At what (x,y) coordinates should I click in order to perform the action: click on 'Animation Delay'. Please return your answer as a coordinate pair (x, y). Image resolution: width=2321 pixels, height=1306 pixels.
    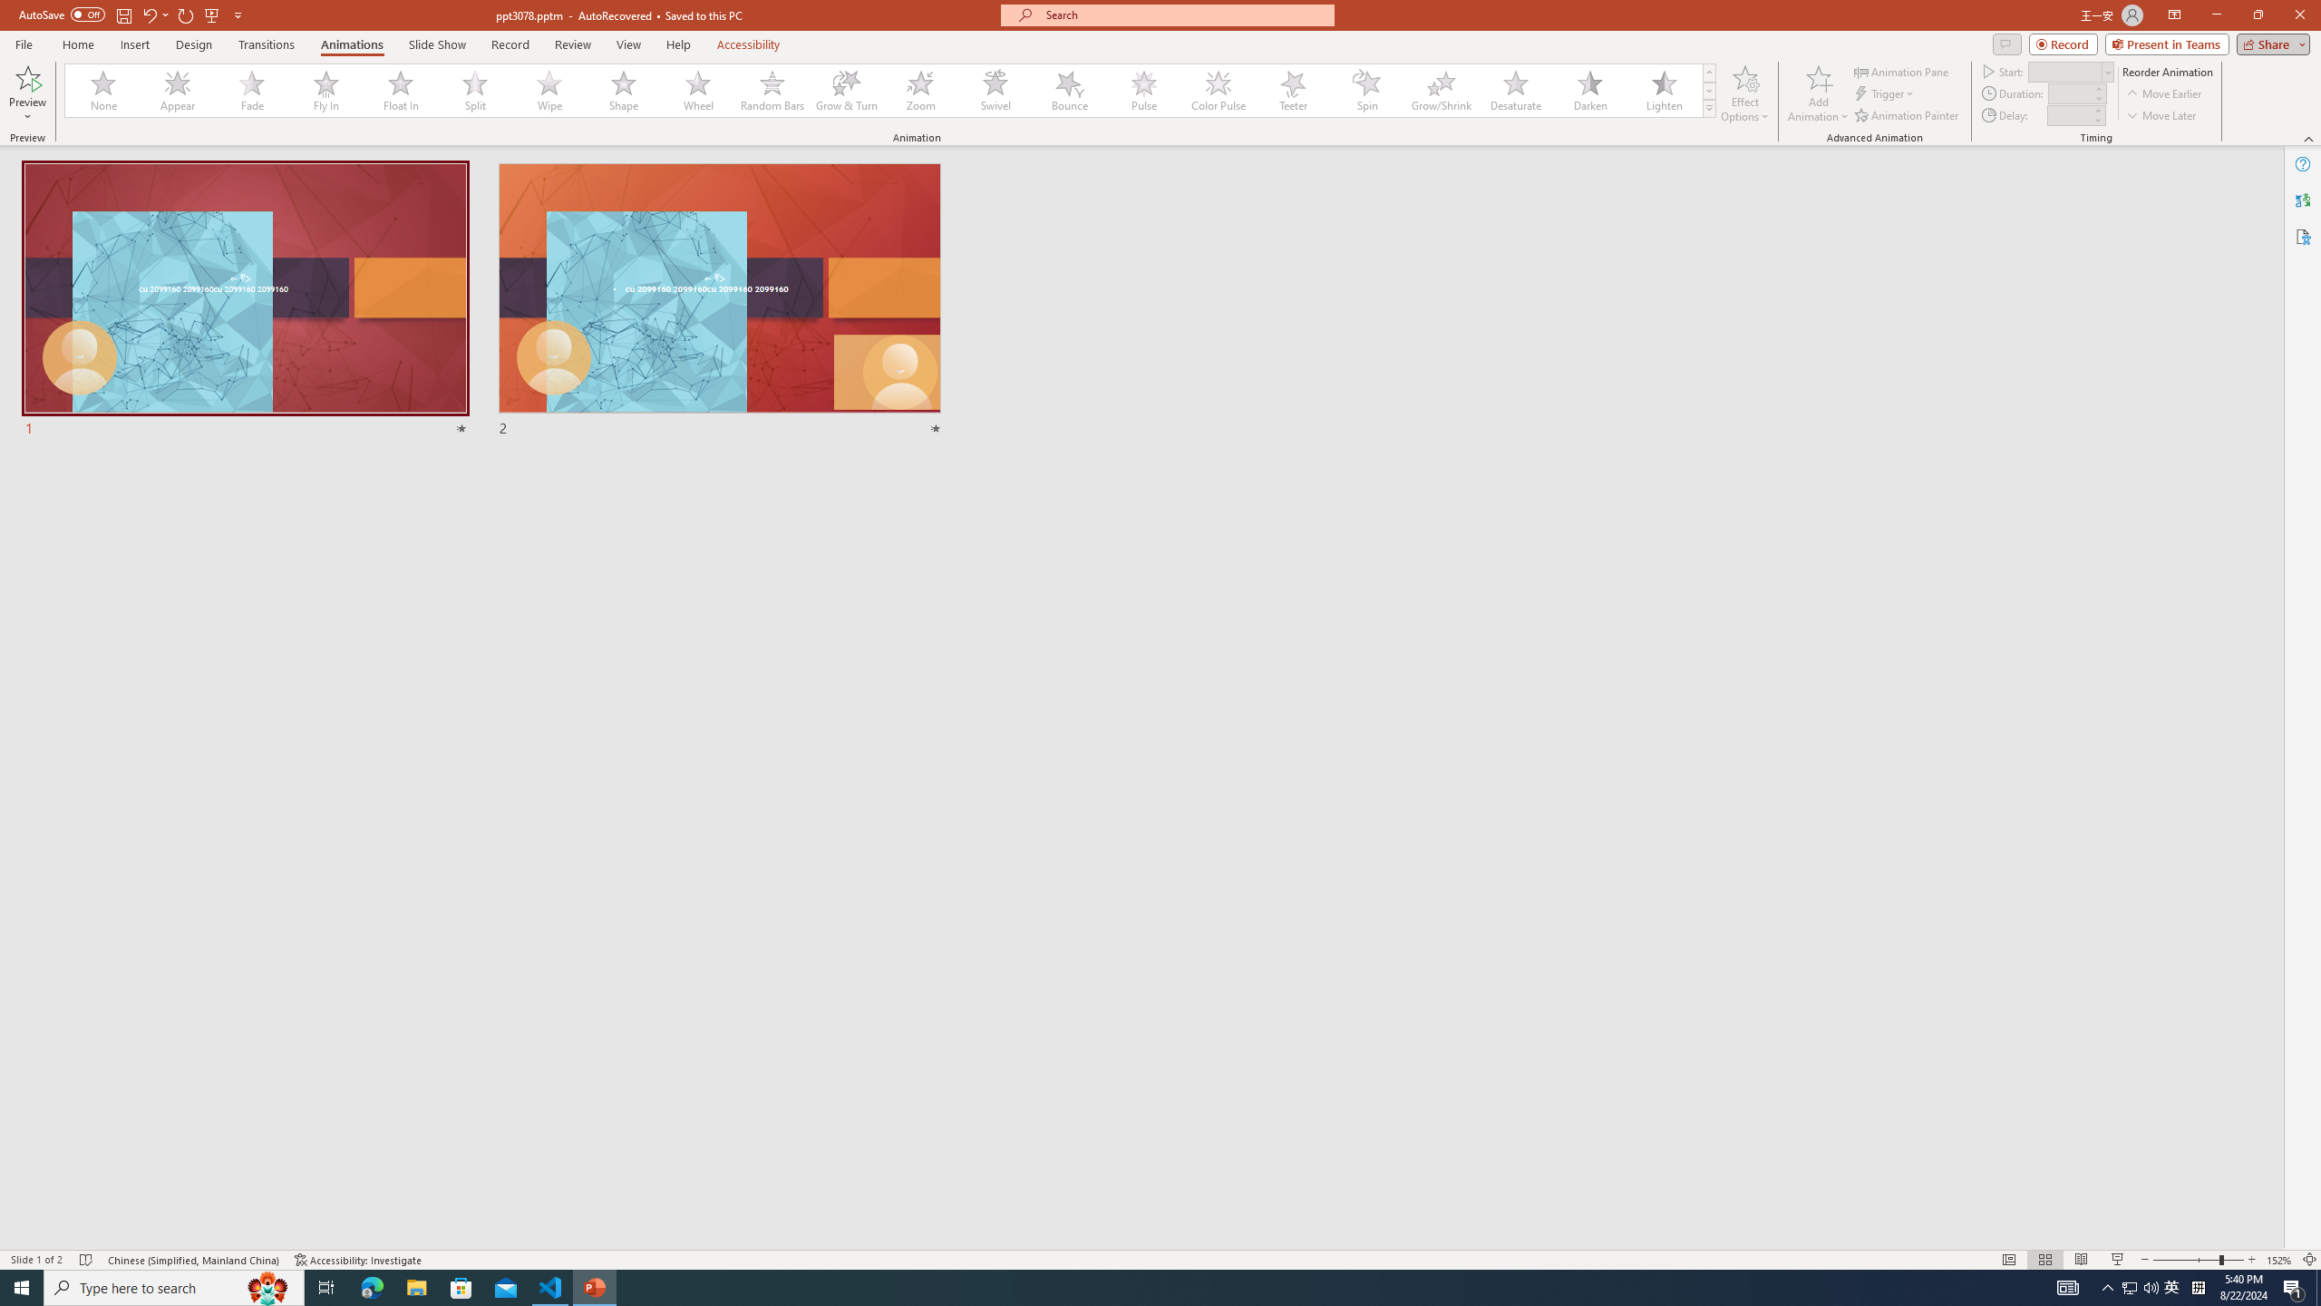
    Looking at the image, I should click on (2066, 114).